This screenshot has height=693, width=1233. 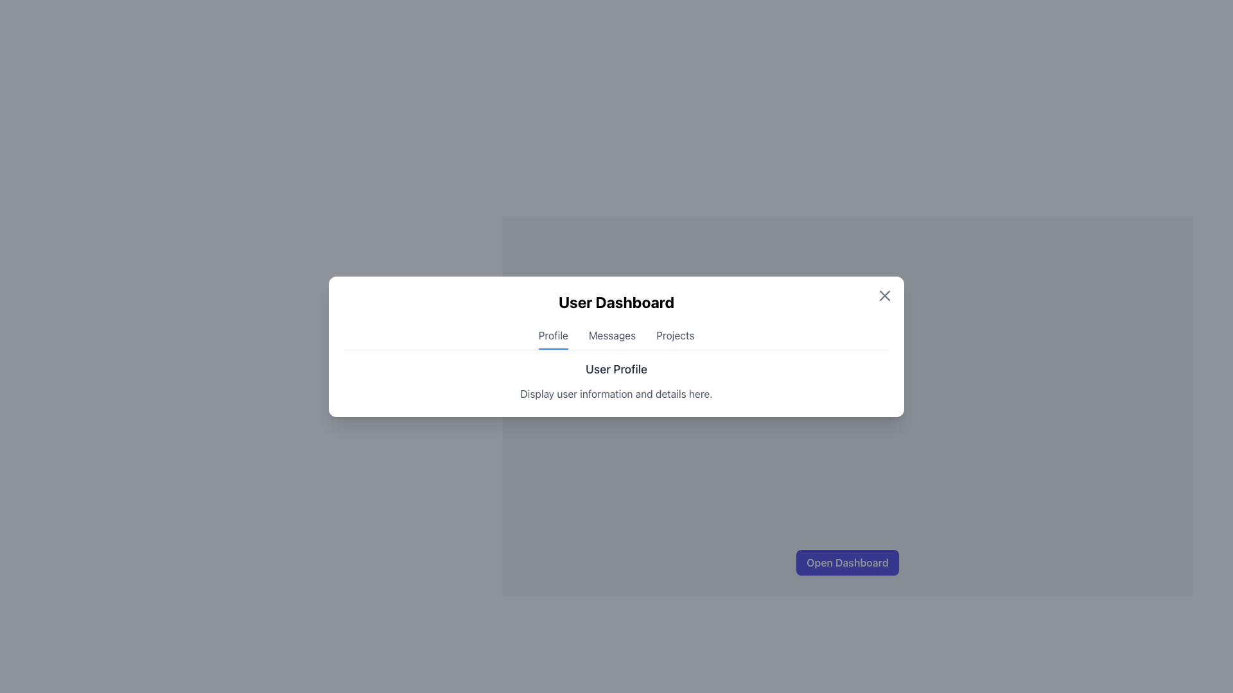 I want to click on the top-right 'X' close button icon of the modal dialog labeled 'User Dashboard', so click(x=884, y=295).